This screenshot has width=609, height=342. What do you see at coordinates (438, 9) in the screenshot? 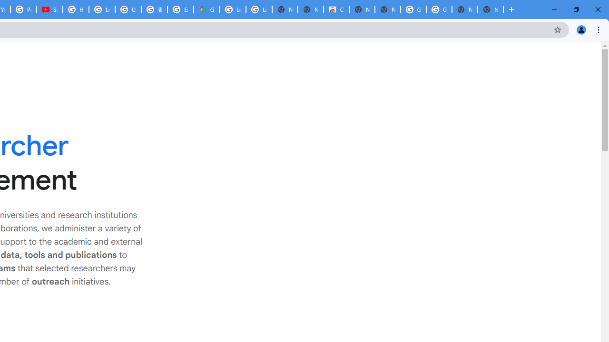
I see `'Google Images'` at bounding box center [438, 9].